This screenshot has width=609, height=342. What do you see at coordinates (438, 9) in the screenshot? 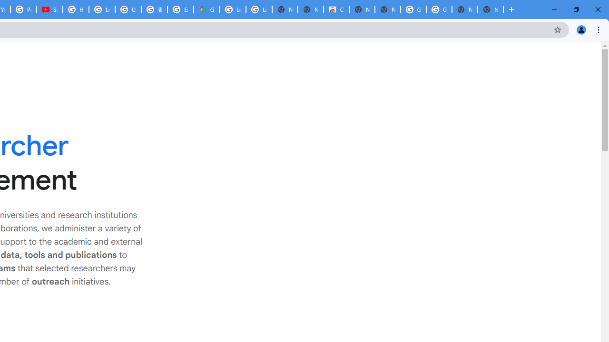
I see `'Google Images'` at bounding box center [438, 9].